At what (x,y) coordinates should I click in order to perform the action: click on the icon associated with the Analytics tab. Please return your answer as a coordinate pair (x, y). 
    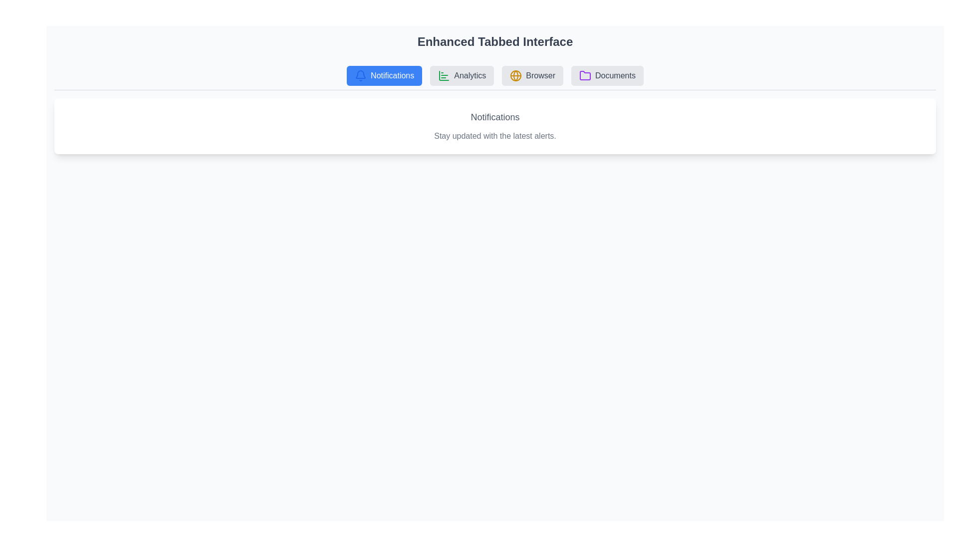
    Looking at the image, I should click on (443, 75).